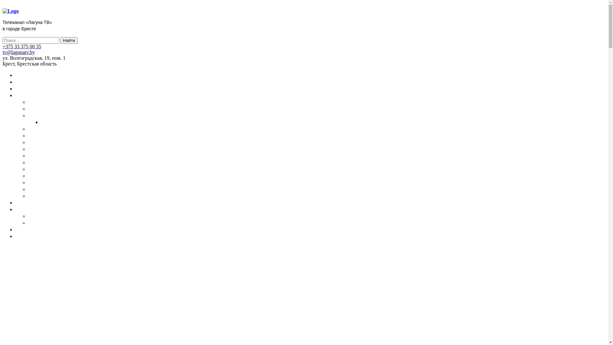 This screenshot has height=345, width=613. I want to click on '+375 33 375 00 35', so click(22, 46).